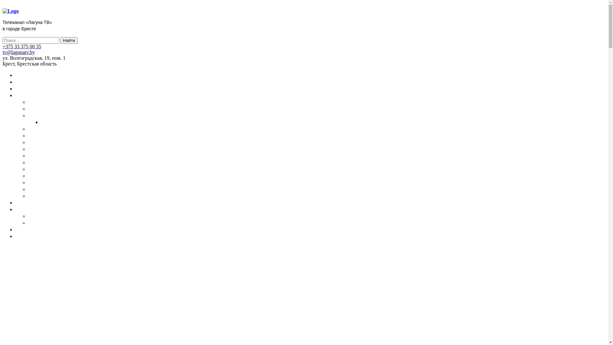 This screenshot has height=345, width=613. I want to click on '+375 33 375 00 35', so click(22, 46).